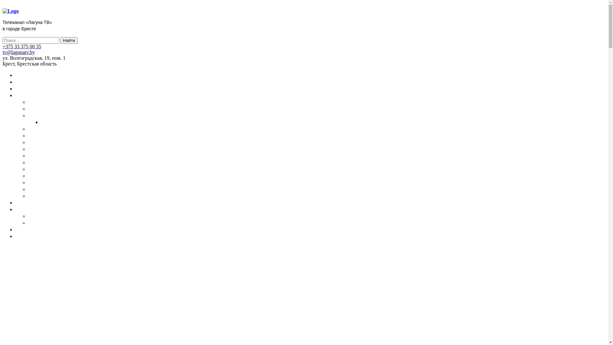 This screenshot has height=345, width=613. I want to click on '+375 33 375 00 35', so click(22, 46).